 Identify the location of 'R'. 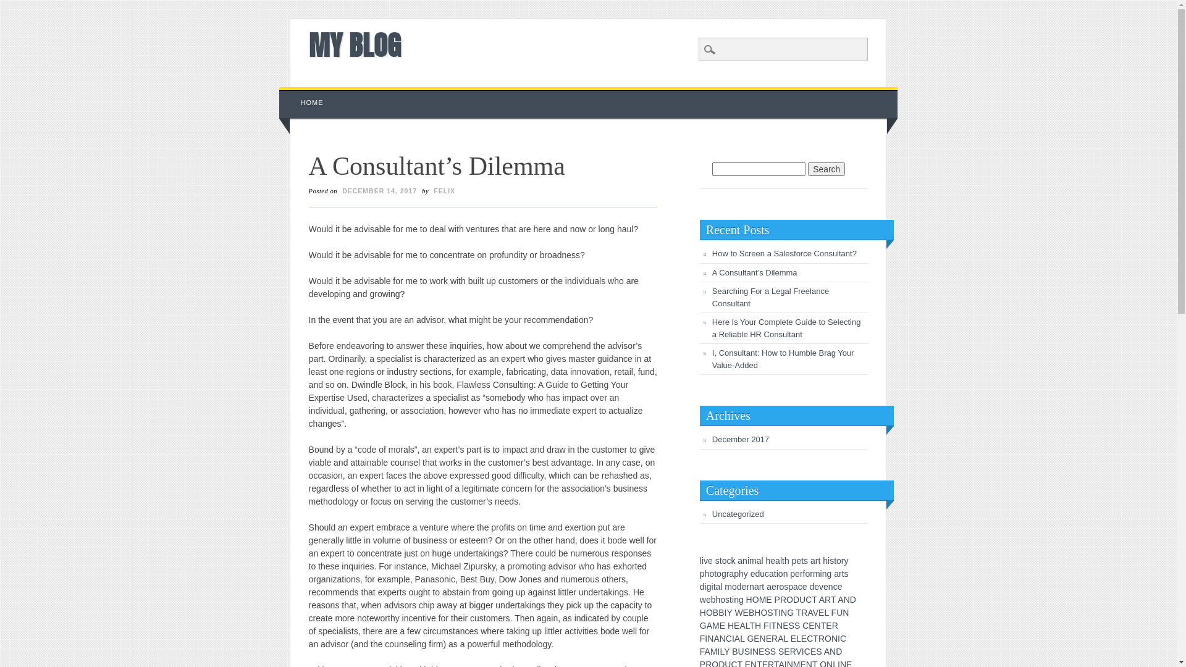
(793, 651).